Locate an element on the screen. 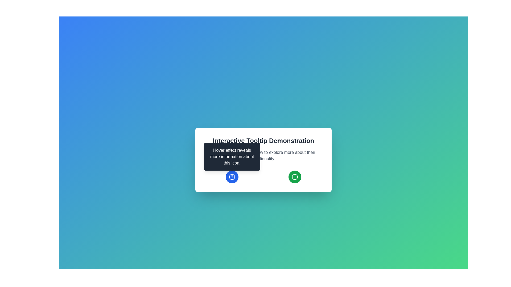 The height and width of the screenshot is (287, 511). bold, large-sized heading text 'Interactive Tooltip Demonstration' displayed prominently in the upper part of the white card is located at coordinates (263, 140).